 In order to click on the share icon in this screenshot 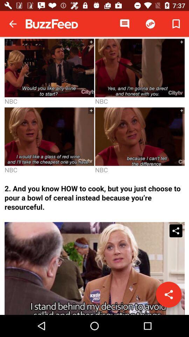, I will do `click(168, 295)`.